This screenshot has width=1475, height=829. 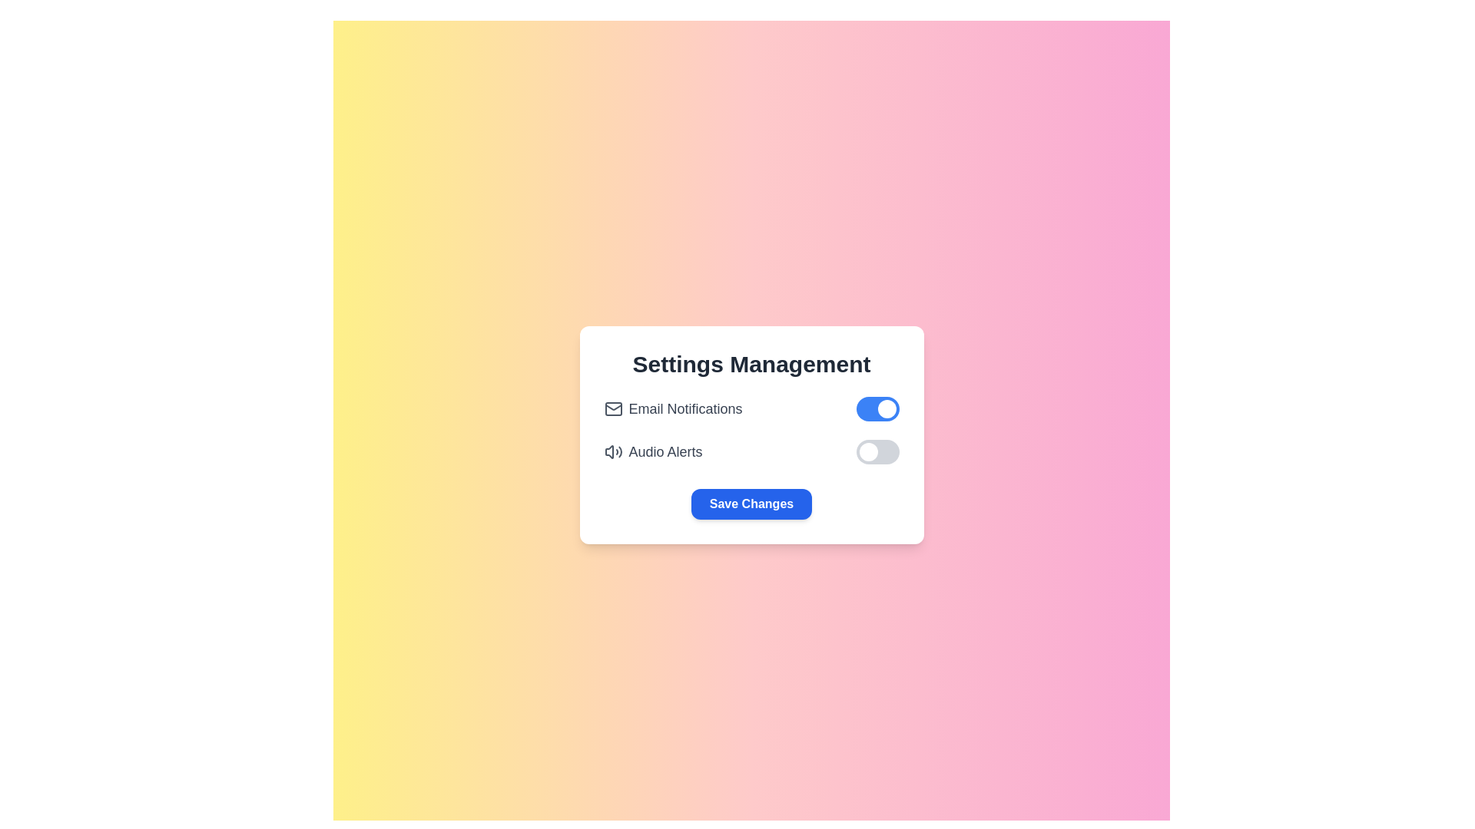 I want to click on the toggle switch knob for 'Email Notifications' in the 'Settings Management' panel, so click(x=887, y=408).